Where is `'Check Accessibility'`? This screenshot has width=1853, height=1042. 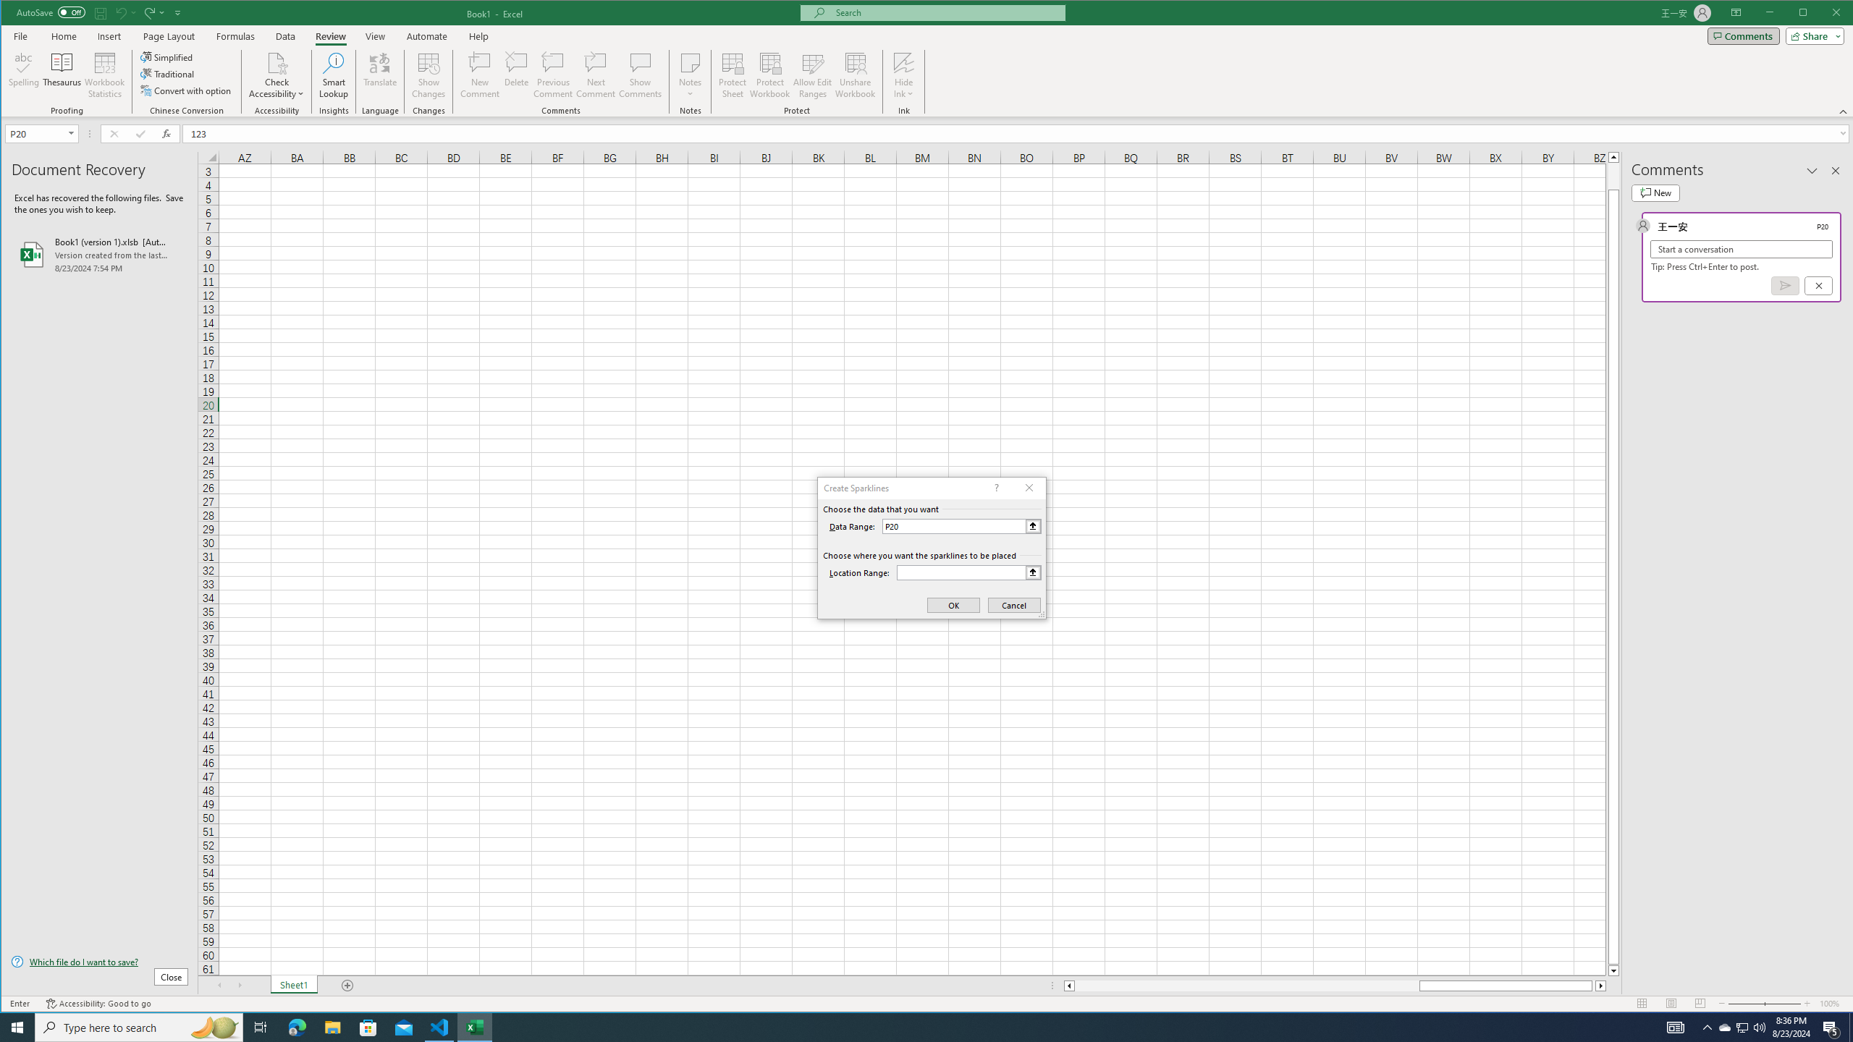
'Check Accessibility' is located at coordinates (277, 75).